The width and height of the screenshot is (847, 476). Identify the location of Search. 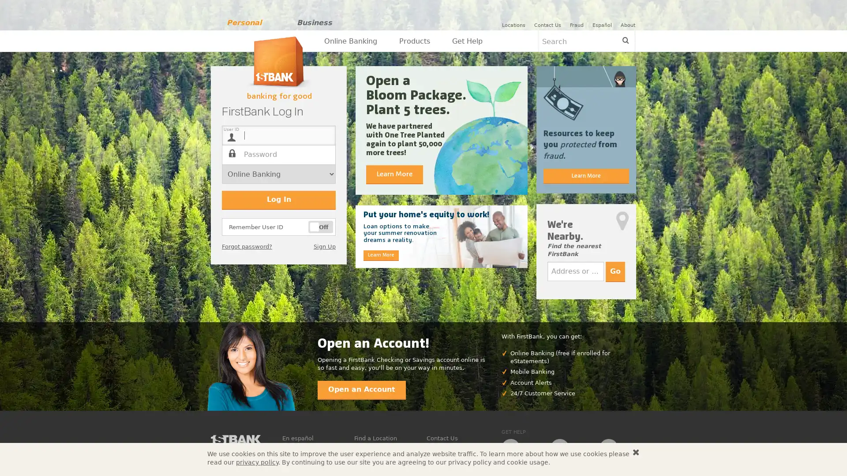
(625, 41).